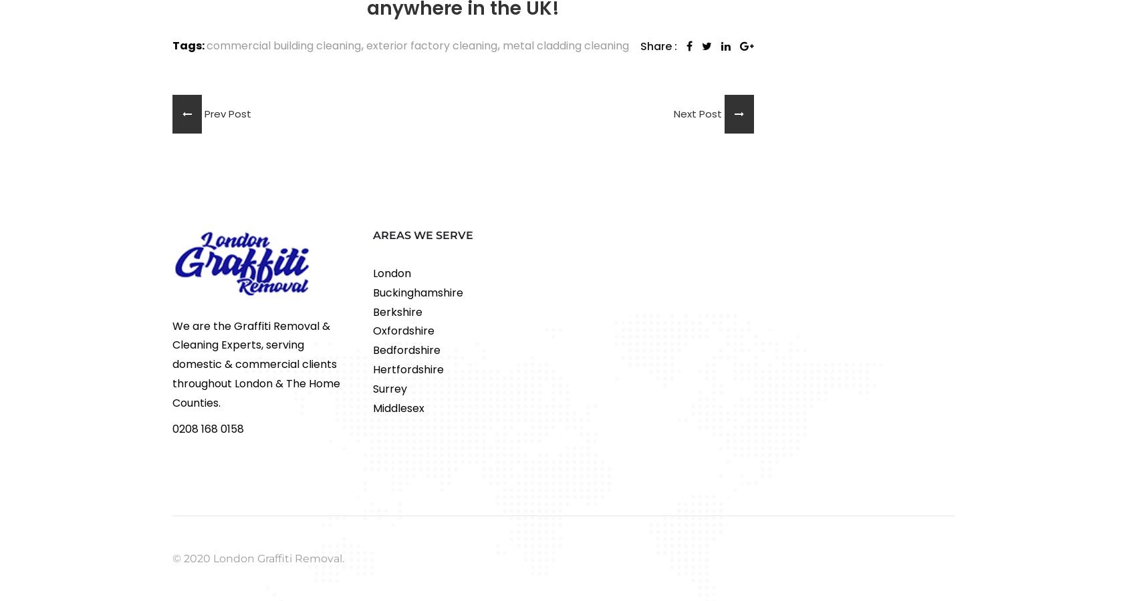 The height and width of the screenshot is (601, 1127). I want to click on 'Bedfordshire', so click(406, 349).